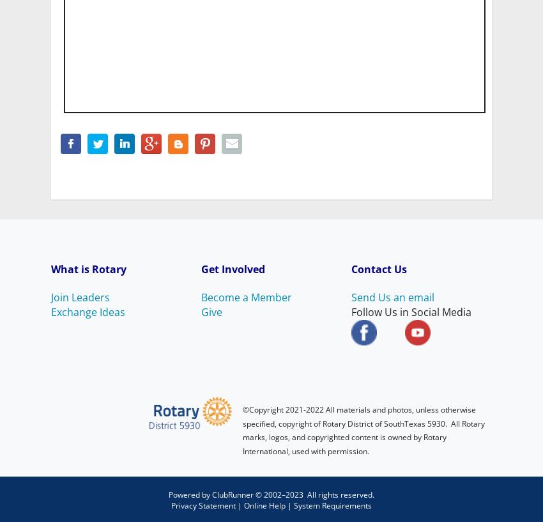  Describe the element at coordinates (90, 267) in the screenshot. I see `'What is Rotary'` at that location.